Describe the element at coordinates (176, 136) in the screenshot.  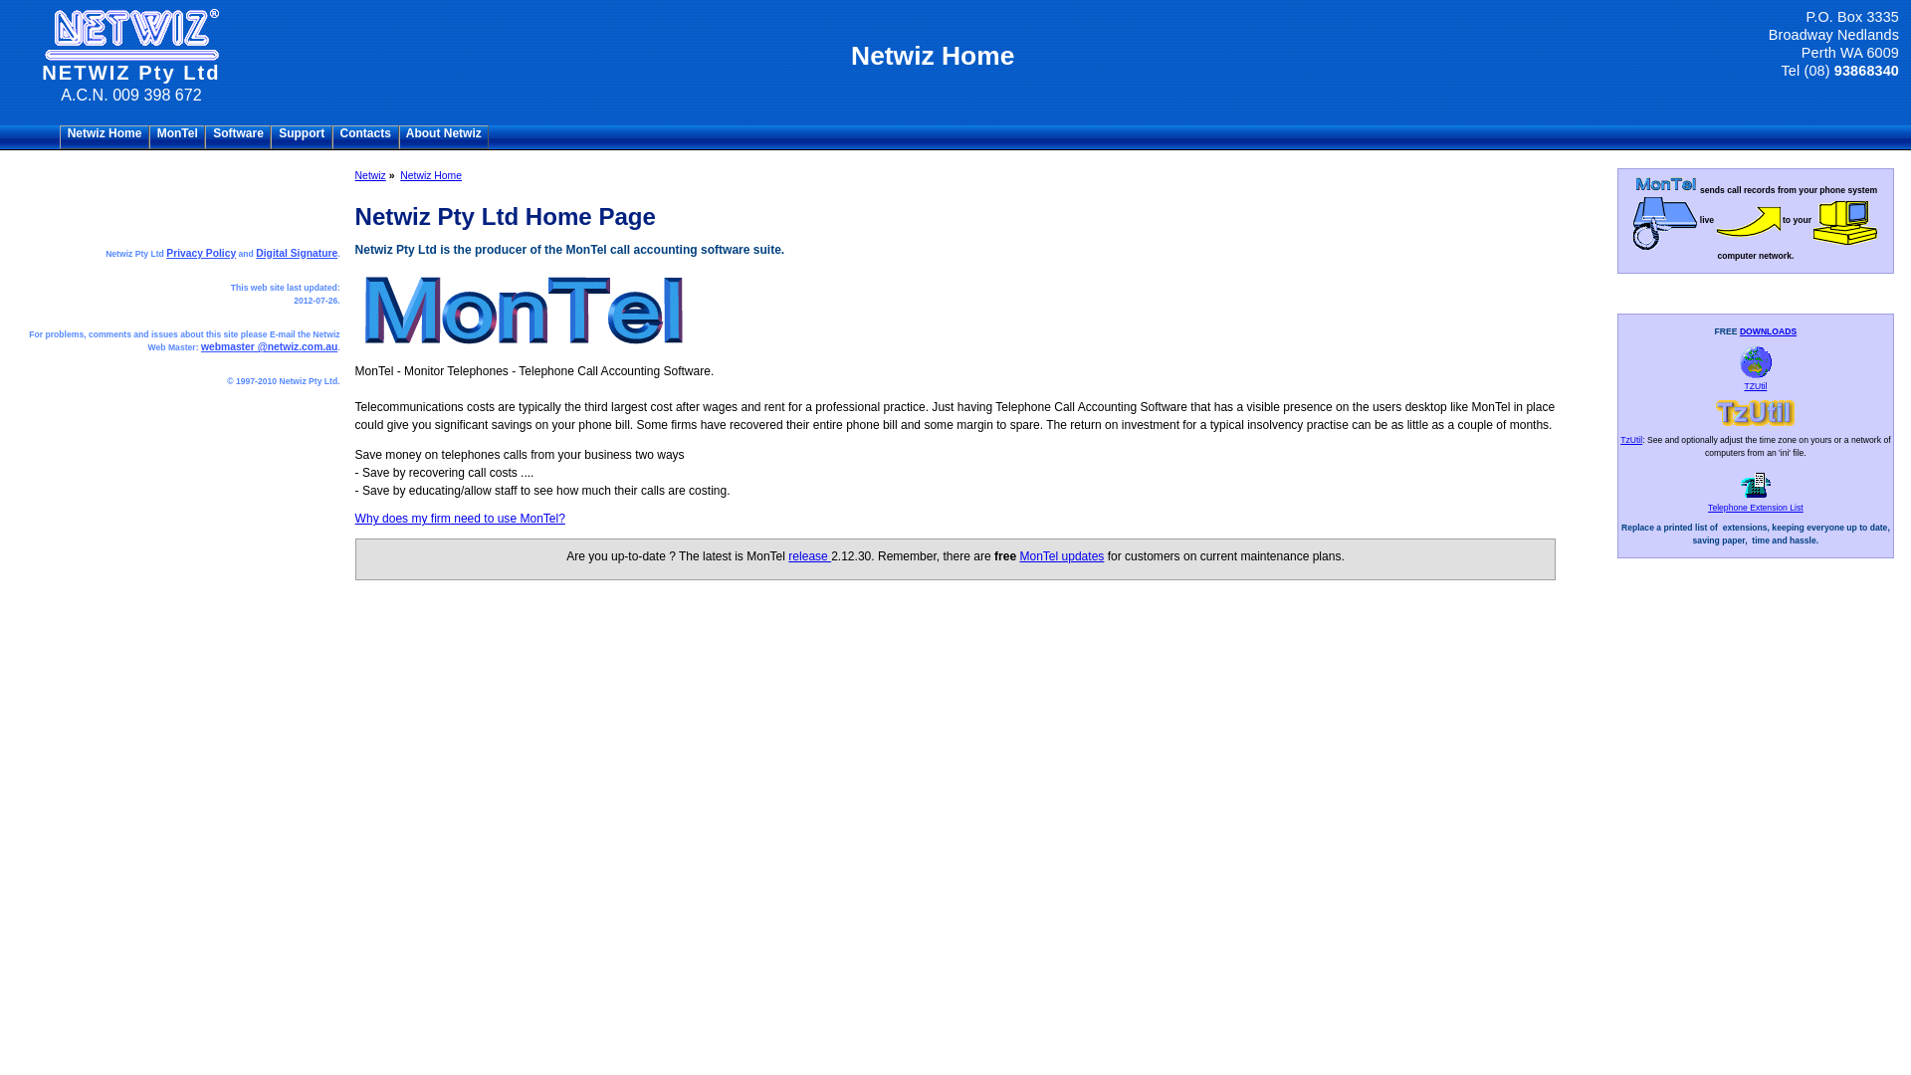
I see `'  MonTel  '` at that location.